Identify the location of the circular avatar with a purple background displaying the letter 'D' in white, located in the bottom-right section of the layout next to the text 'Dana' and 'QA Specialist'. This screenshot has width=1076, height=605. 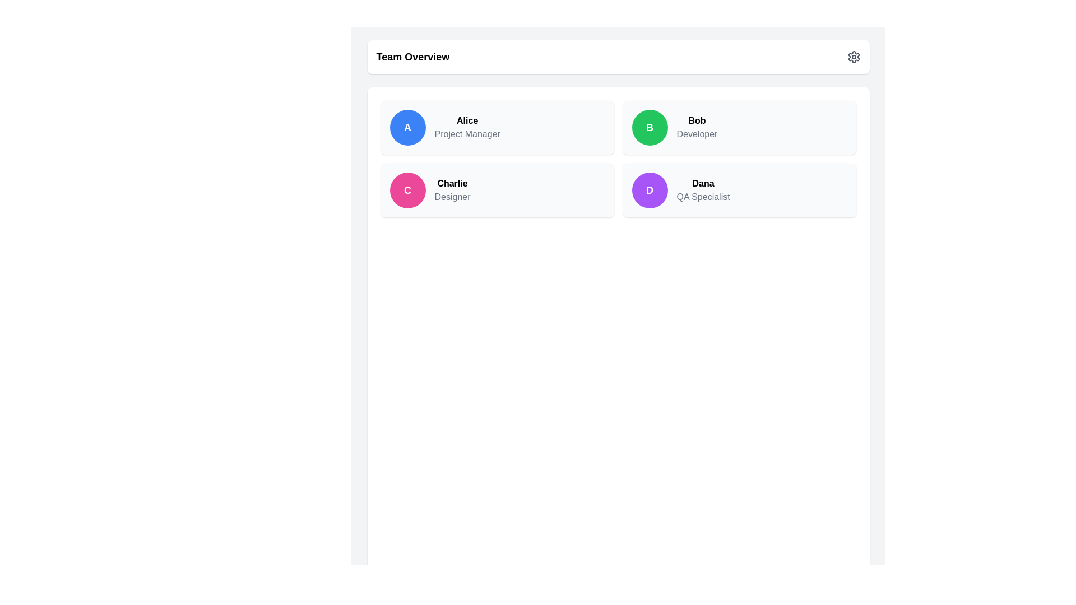
(650, 189).